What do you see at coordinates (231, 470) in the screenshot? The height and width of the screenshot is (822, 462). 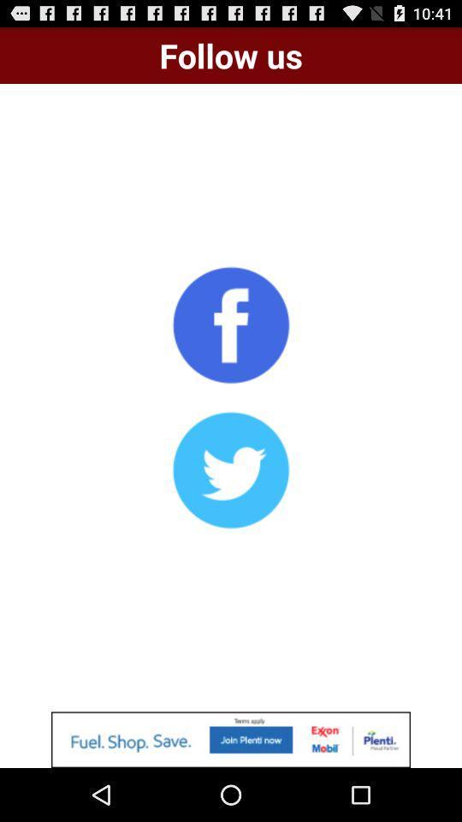 I see `shows twitter icon` at bounding box center [231, 470].